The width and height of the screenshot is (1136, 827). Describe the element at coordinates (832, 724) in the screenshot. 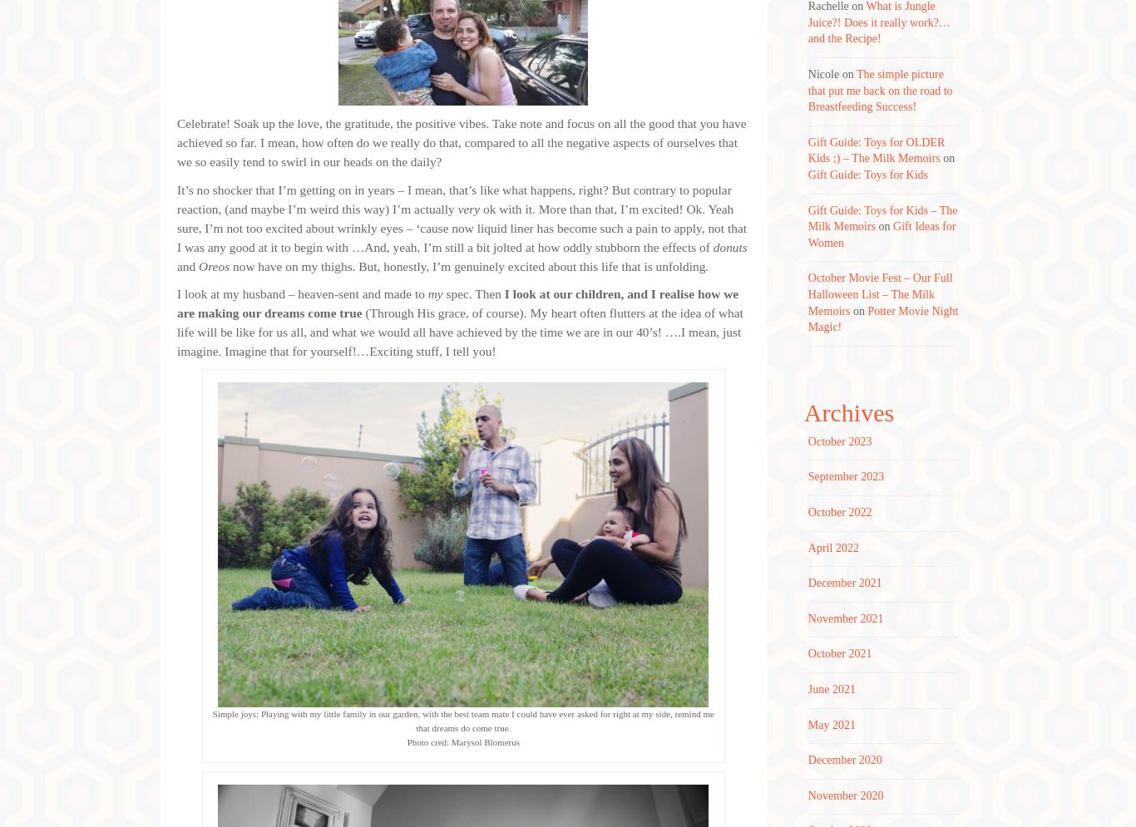

I see `'May 2021'` at that location.